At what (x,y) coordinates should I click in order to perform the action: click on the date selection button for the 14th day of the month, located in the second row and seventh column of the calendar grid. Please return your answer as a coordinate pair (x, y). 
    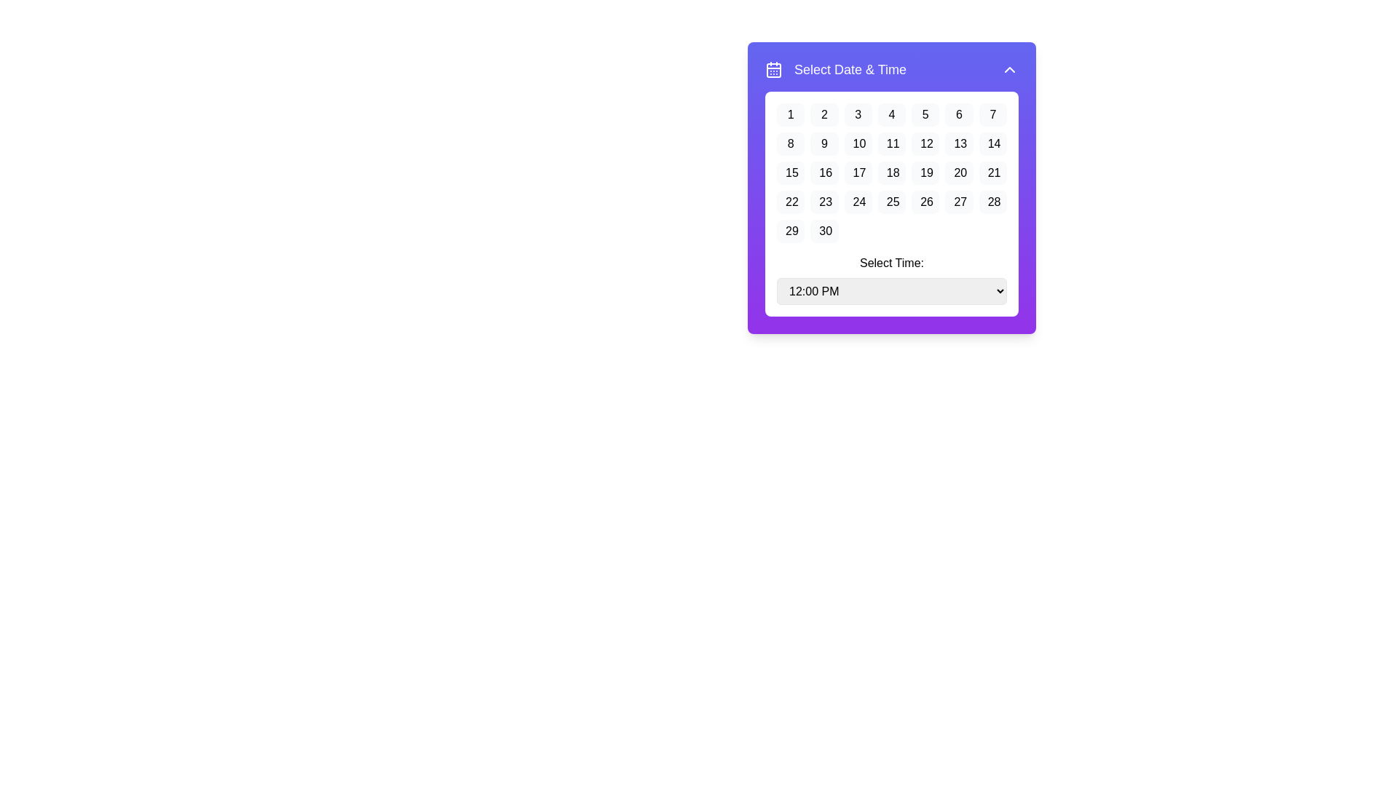
    Looking at the image, I should click on (992, 143).